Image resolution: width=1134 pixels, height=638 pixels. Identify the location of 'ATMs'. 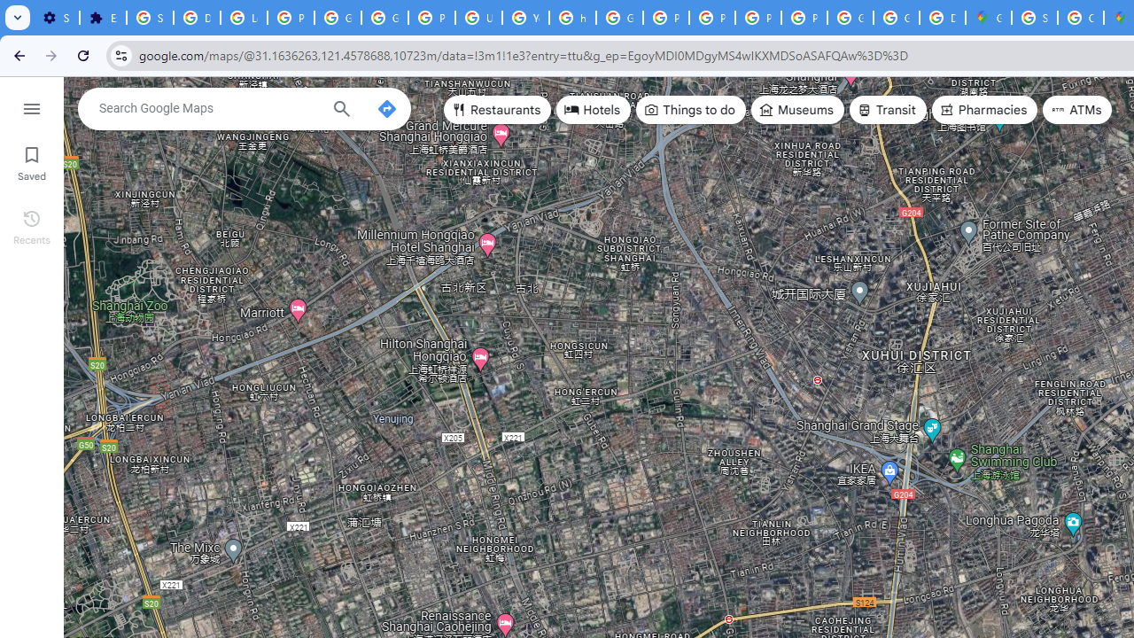
(1076, 110).